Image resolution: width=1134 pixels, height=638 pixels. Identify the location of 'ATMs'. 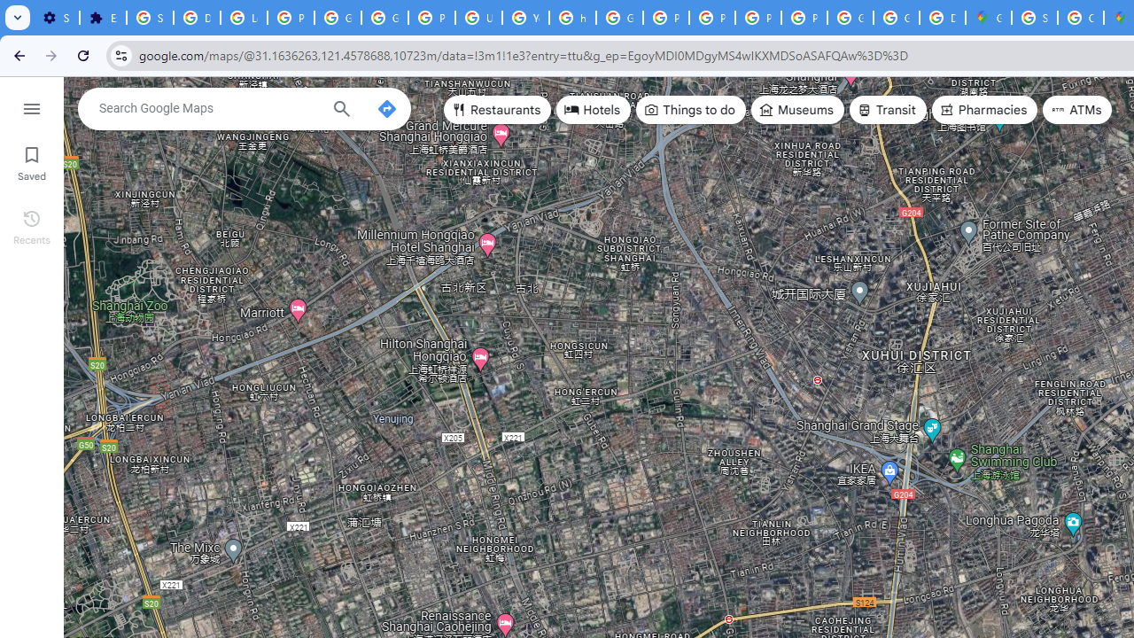
(1076, 110).